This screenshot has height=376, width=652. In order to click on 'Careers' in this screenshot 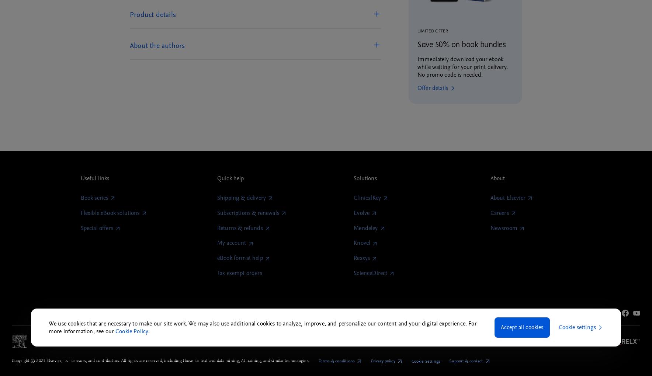, I will do `click(499, 213)`.